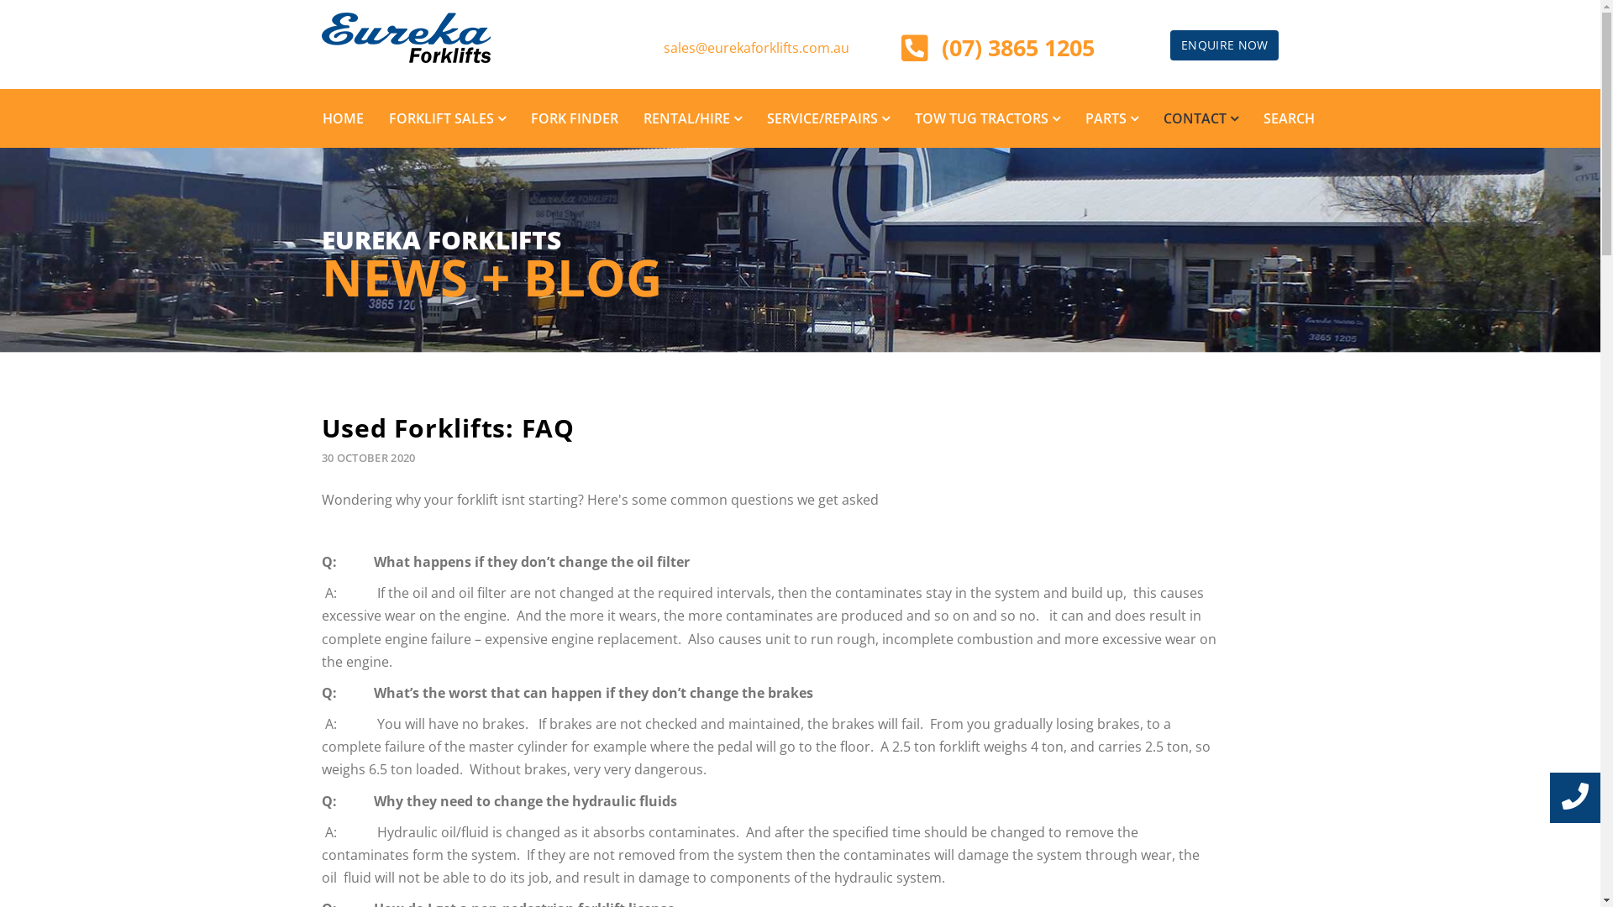  What do you see at coordinates (987, 118) in the screenshot?
I see `'TOW TUG TRACTORS'` at bounding box center [987, 118].